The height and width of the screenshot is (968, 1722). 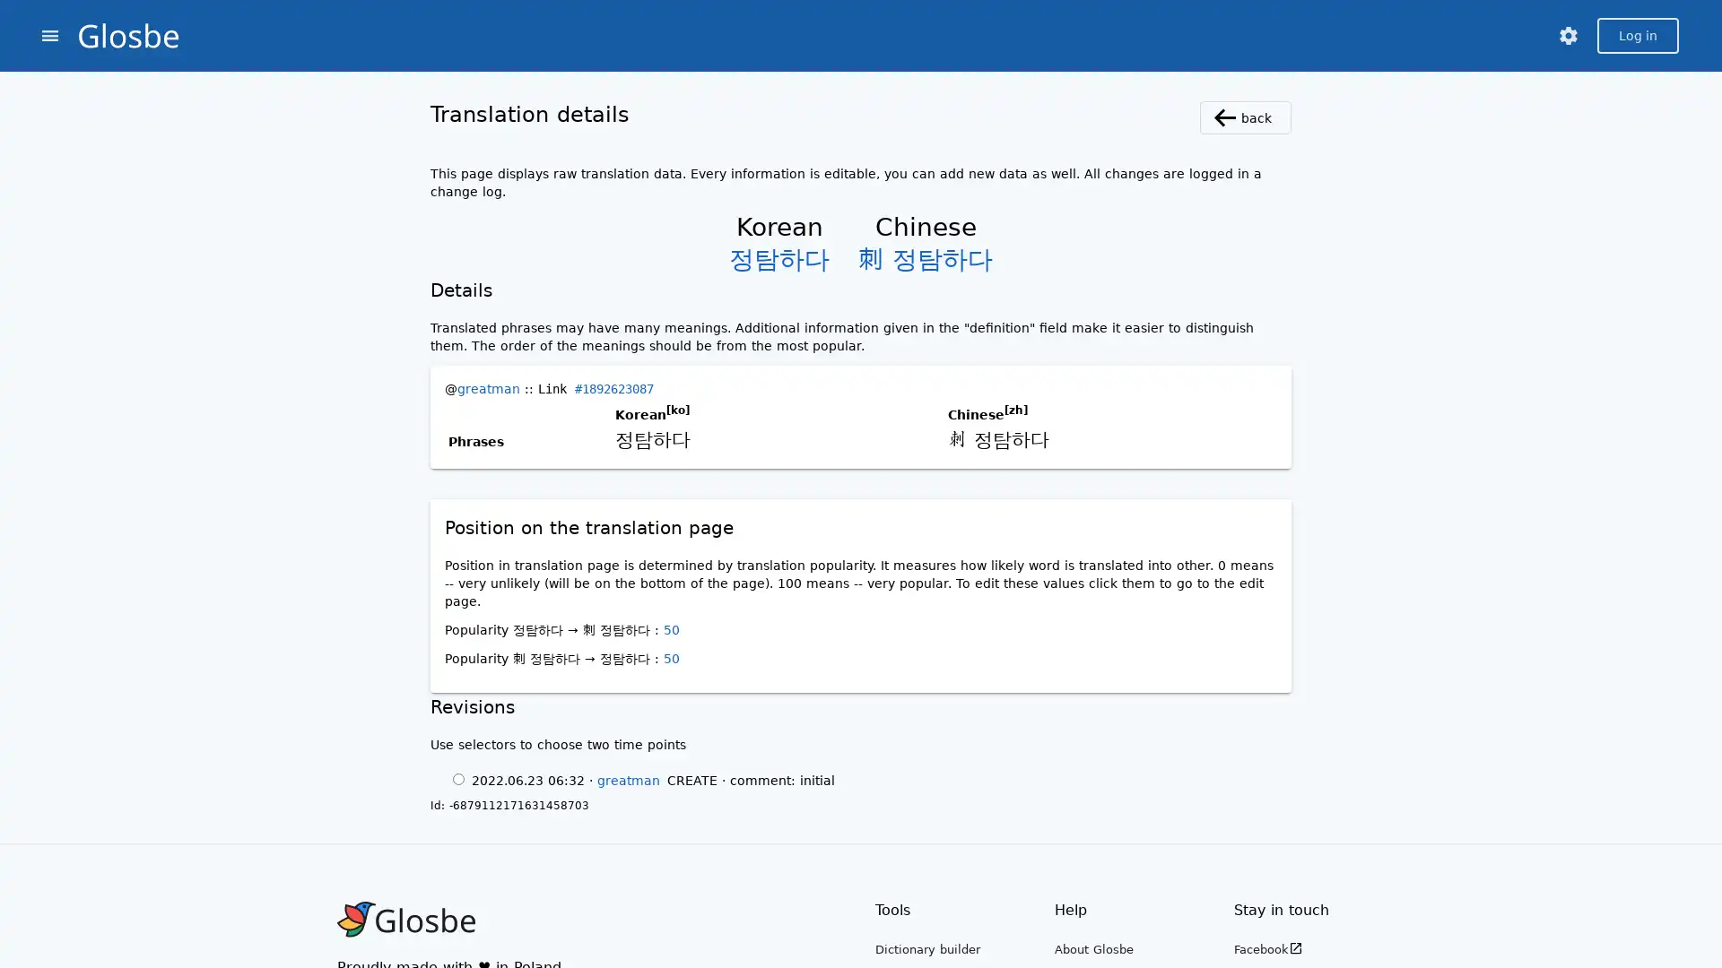 I want to click on back, so click(x=1244, y=117).